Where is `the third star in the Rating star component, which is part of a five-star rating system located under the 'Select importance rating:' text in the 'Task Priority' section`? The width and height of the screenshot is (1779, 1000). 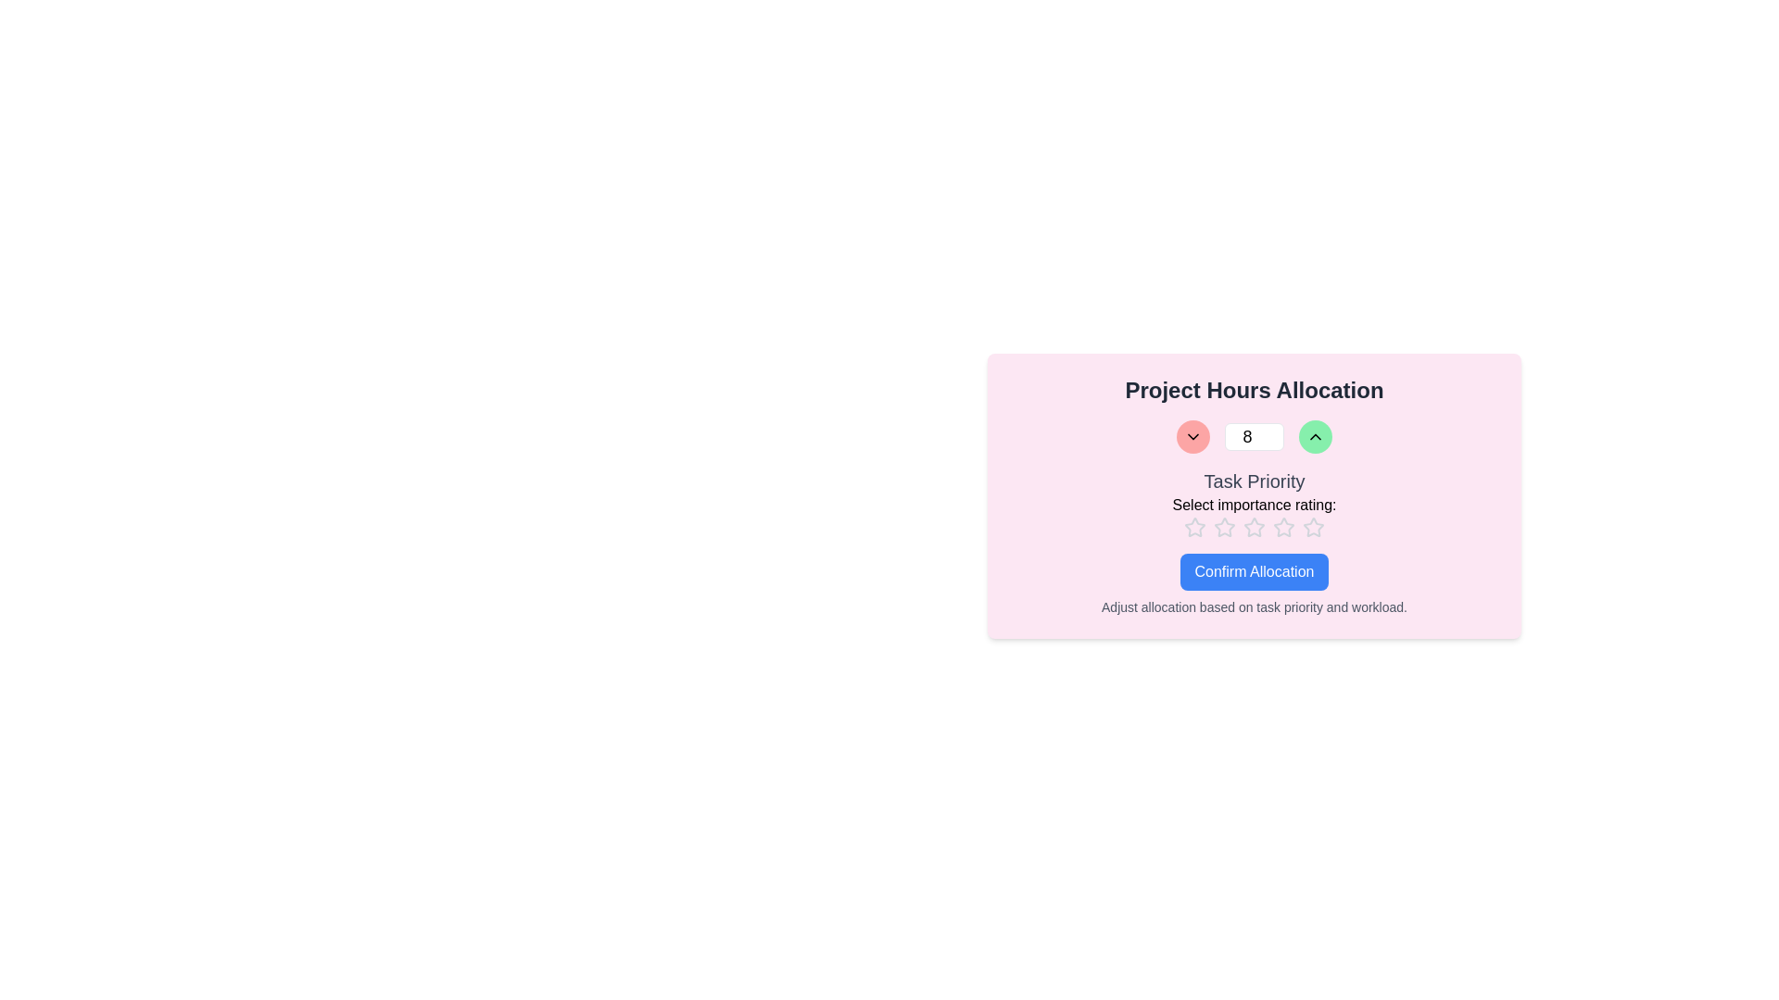 the third star in the Rating star component, which is part of a five-star rating system located under the 'Select importance rating:' text in the 'Task Priority' section is located at coordinates (1254, 528).